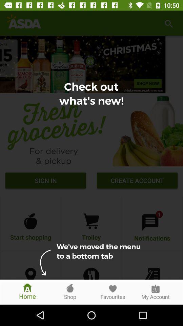 The image size is (183, 326). I want to click on icon above 1, so click(137, 181).